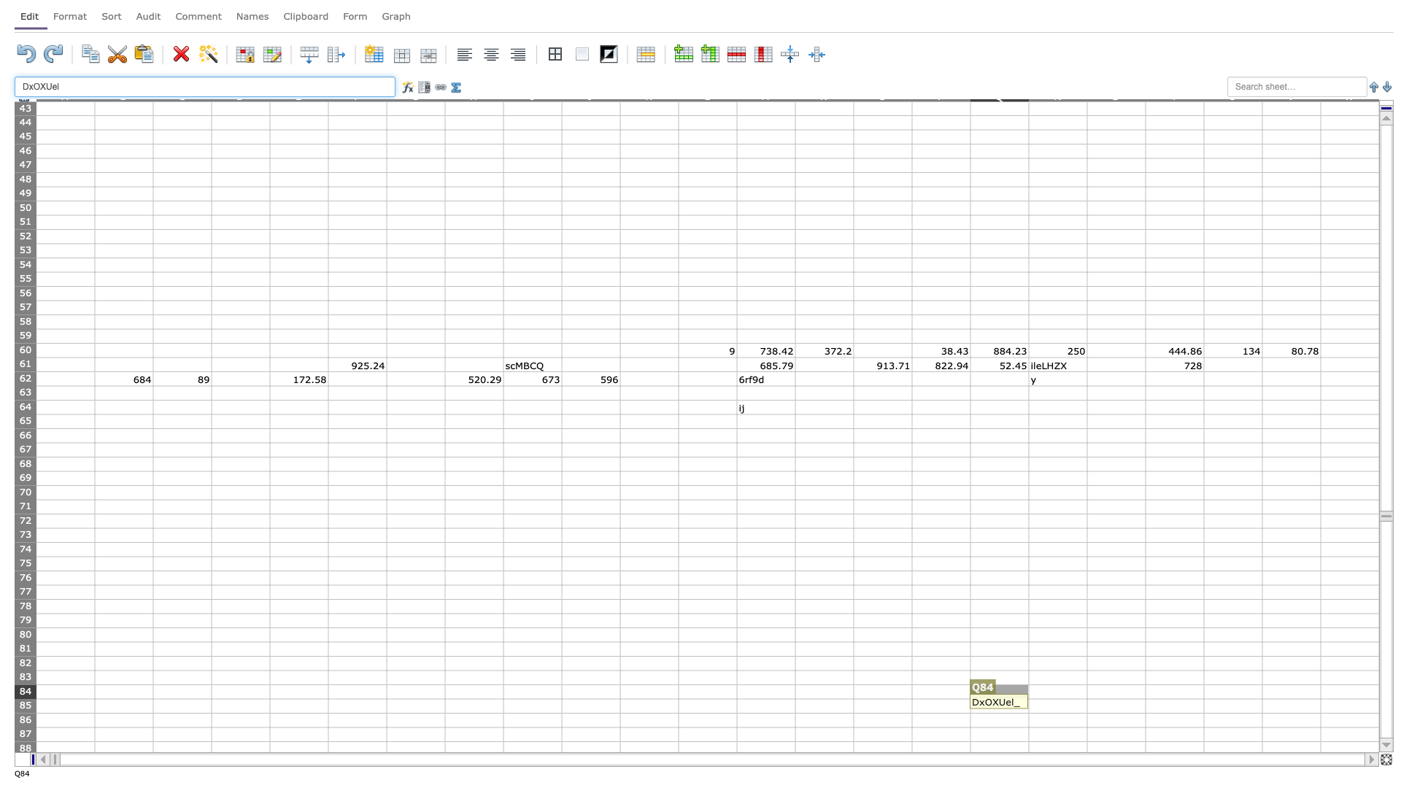 The height and width of the screenshot is (788, 1401). What do you see at coordinates (1028, 705) in the screenshot?
I see `Left side of cell R85` at bounding box center [1028, 705].